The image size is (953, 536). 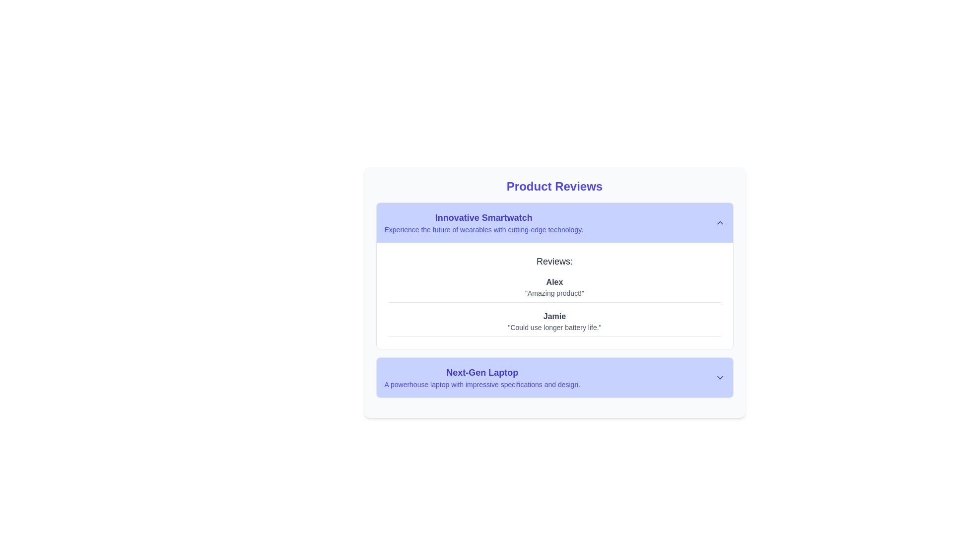 What do you see at coordinates (483, 229) in the screenshot?
I see `the descriptive text element located below the 'Innovative Smartwatch' heading, which elaborates on its features and technology` at bounding box center [483, 229].